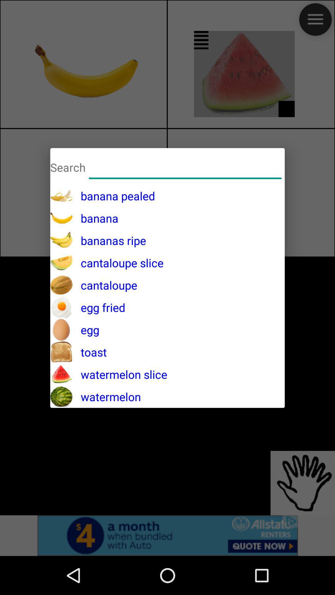  I want to click on banana pealed icon, so click(114, 196).